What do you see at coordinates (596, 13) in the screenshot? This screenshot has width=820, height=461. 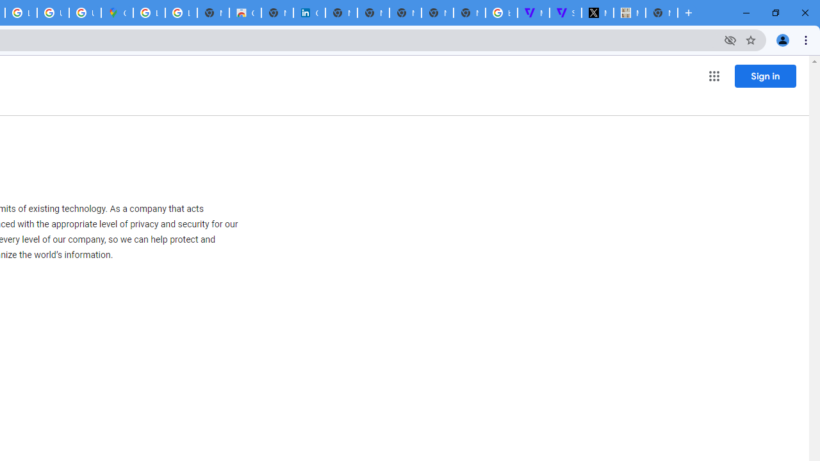 I see `'Miley Cyrus (@MileyCyrus) / X'` at bounding box center [596, 13].